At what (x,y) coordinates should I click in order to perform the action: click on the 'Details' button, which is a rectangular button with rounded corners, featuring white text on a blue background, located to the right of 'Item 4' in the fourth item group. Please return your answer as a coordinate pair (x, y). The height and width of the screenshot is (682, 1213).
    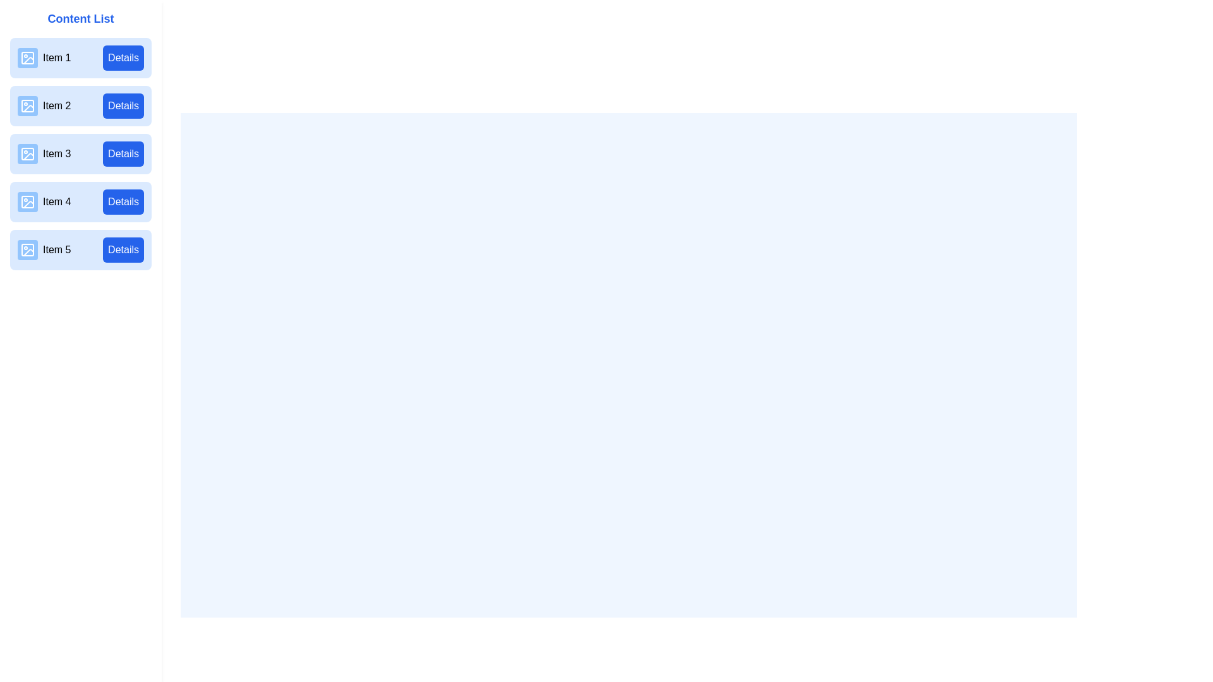
    Looking at the image, I should click on (123, 201).